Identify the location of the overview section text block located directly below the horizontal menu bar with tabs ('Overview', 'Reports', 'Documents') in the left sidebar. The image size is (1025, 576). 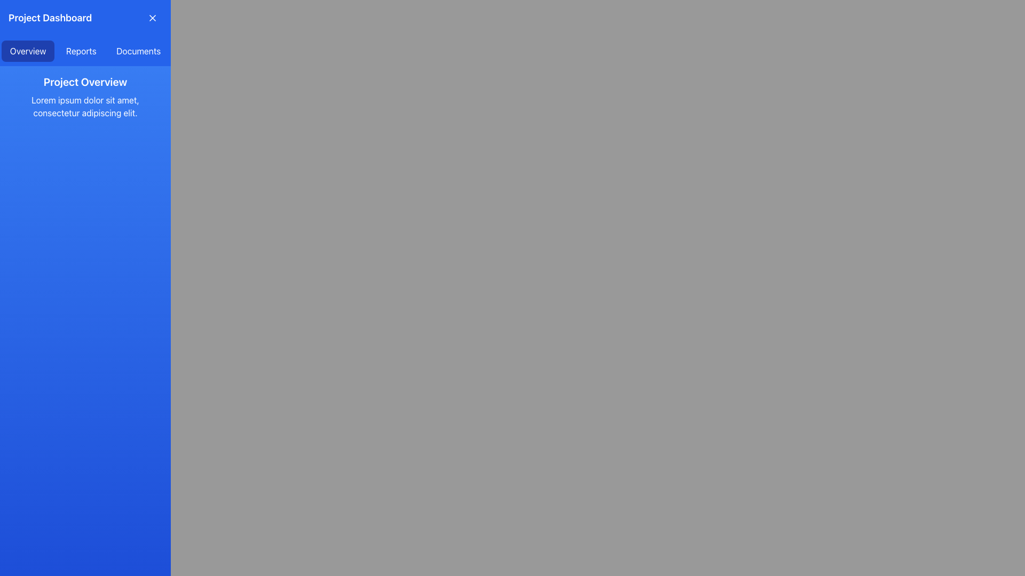
(84, 97).